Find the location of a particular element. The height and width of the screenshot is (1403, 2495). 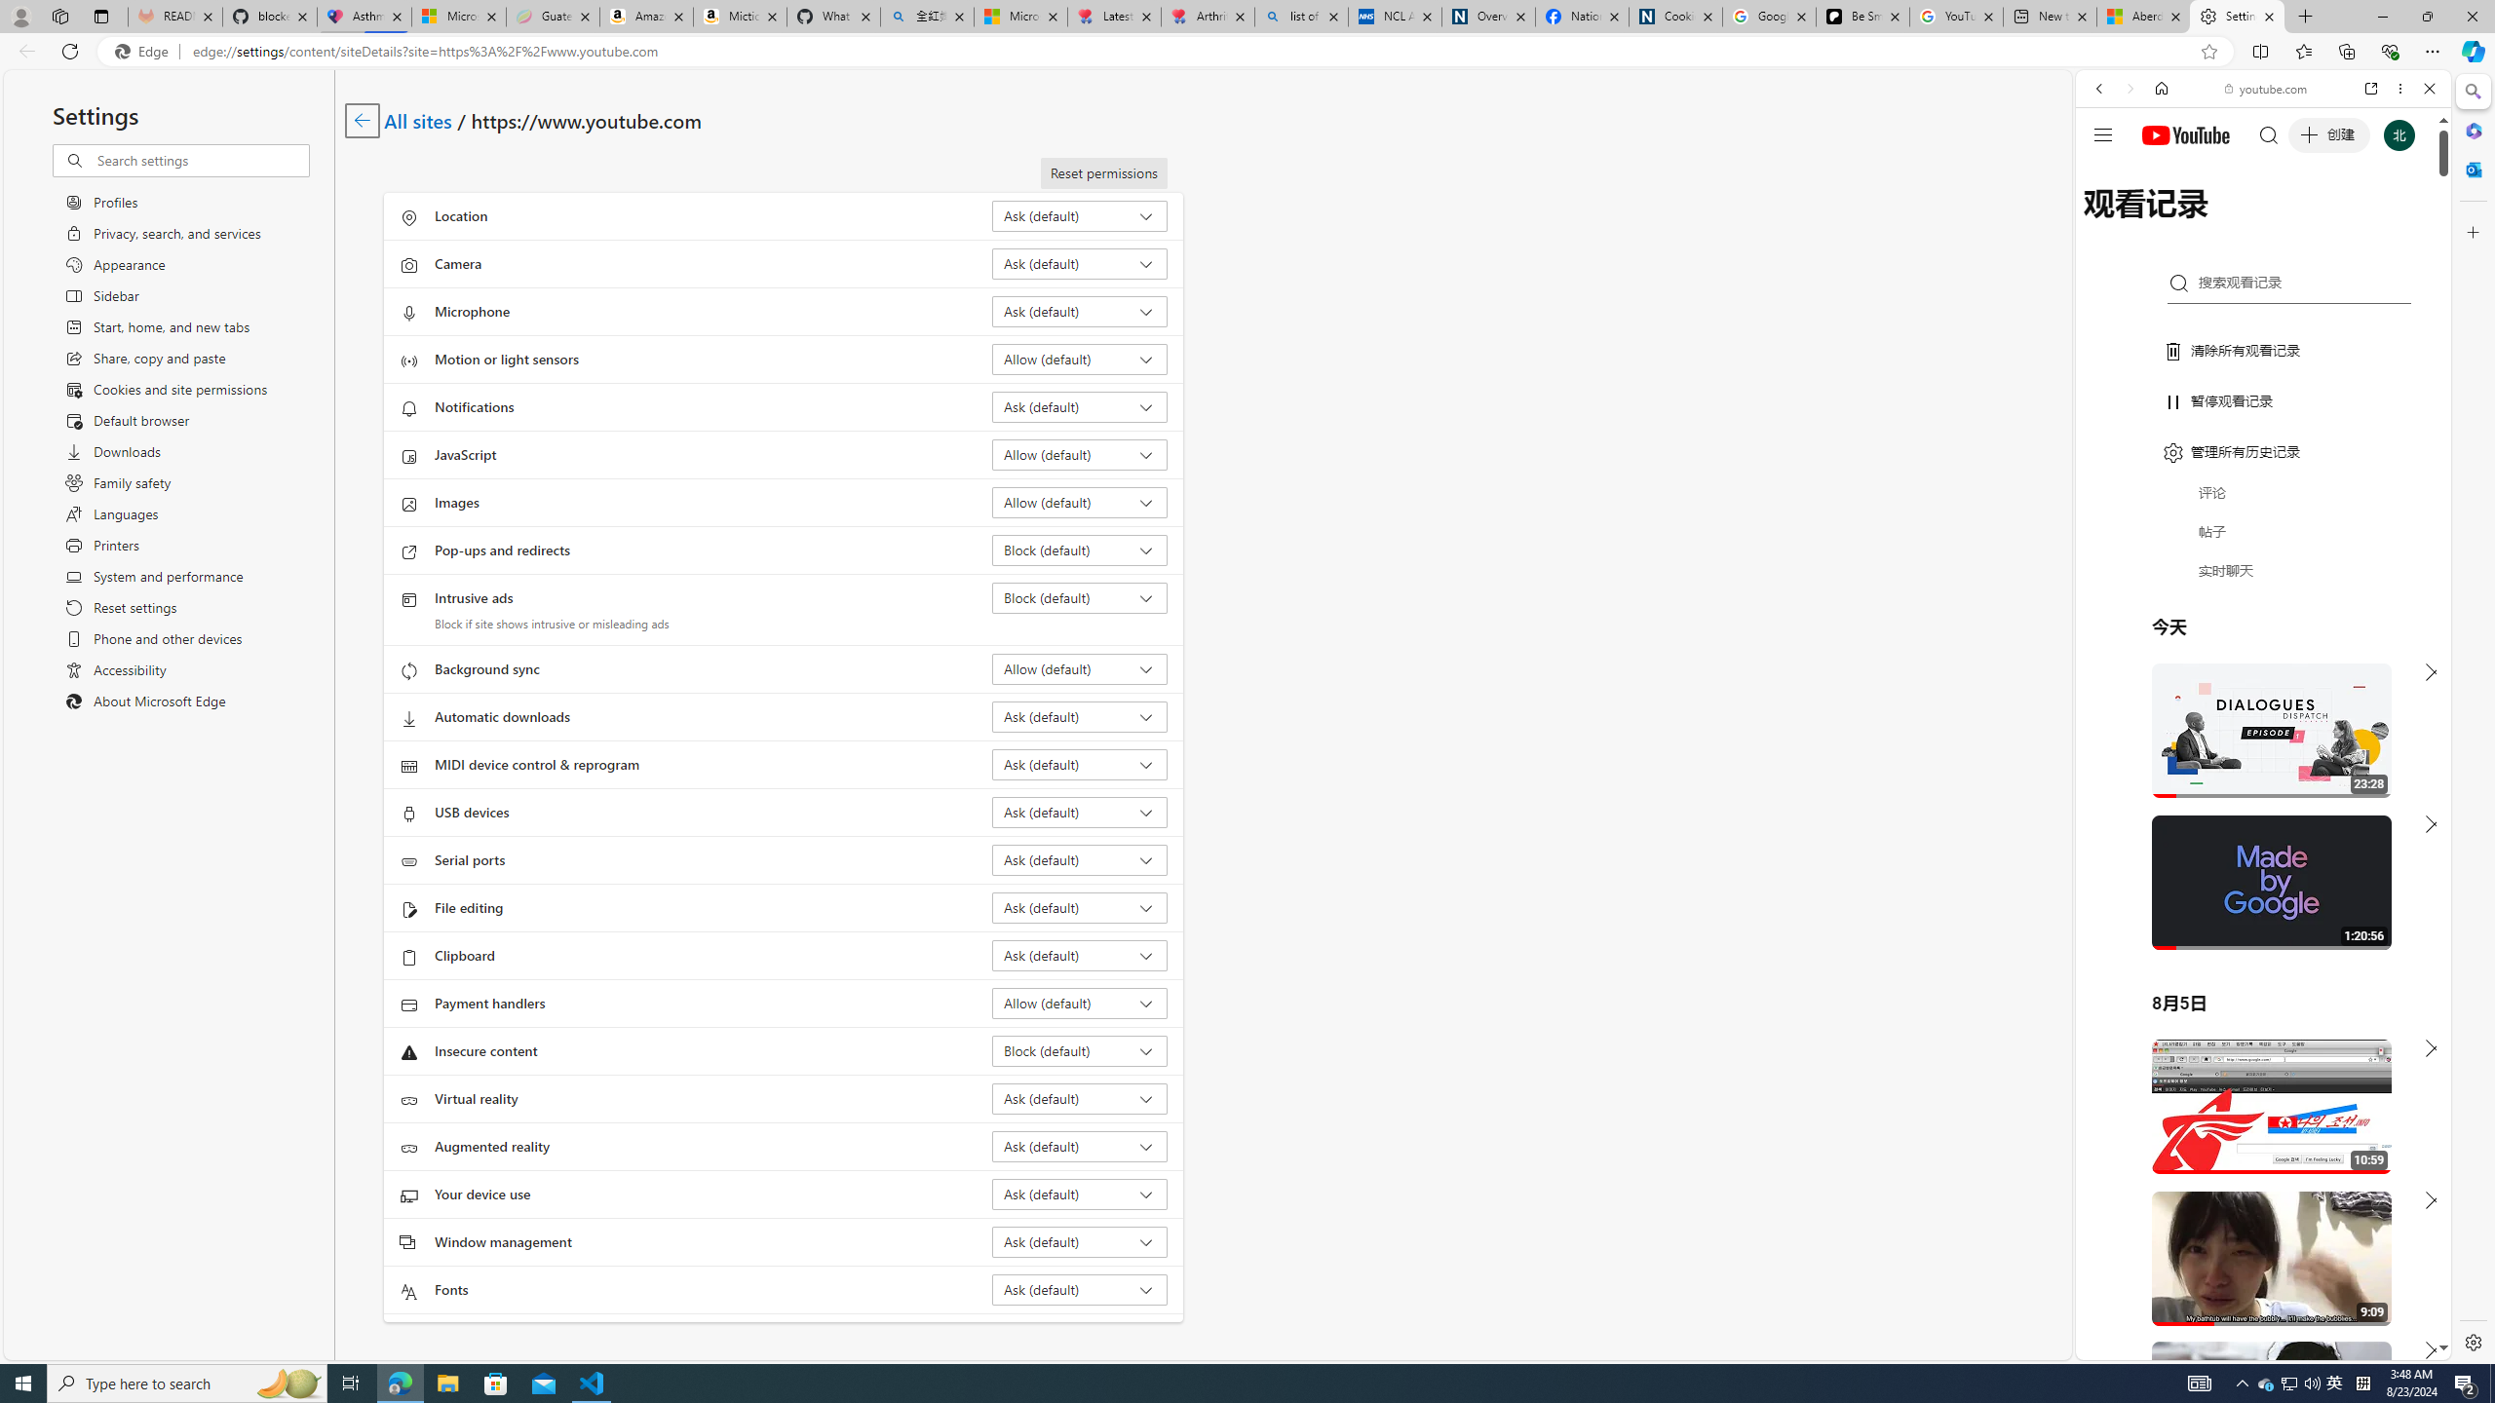

'Trailer #2 [HD]' is located at coordinates (2261, 576).